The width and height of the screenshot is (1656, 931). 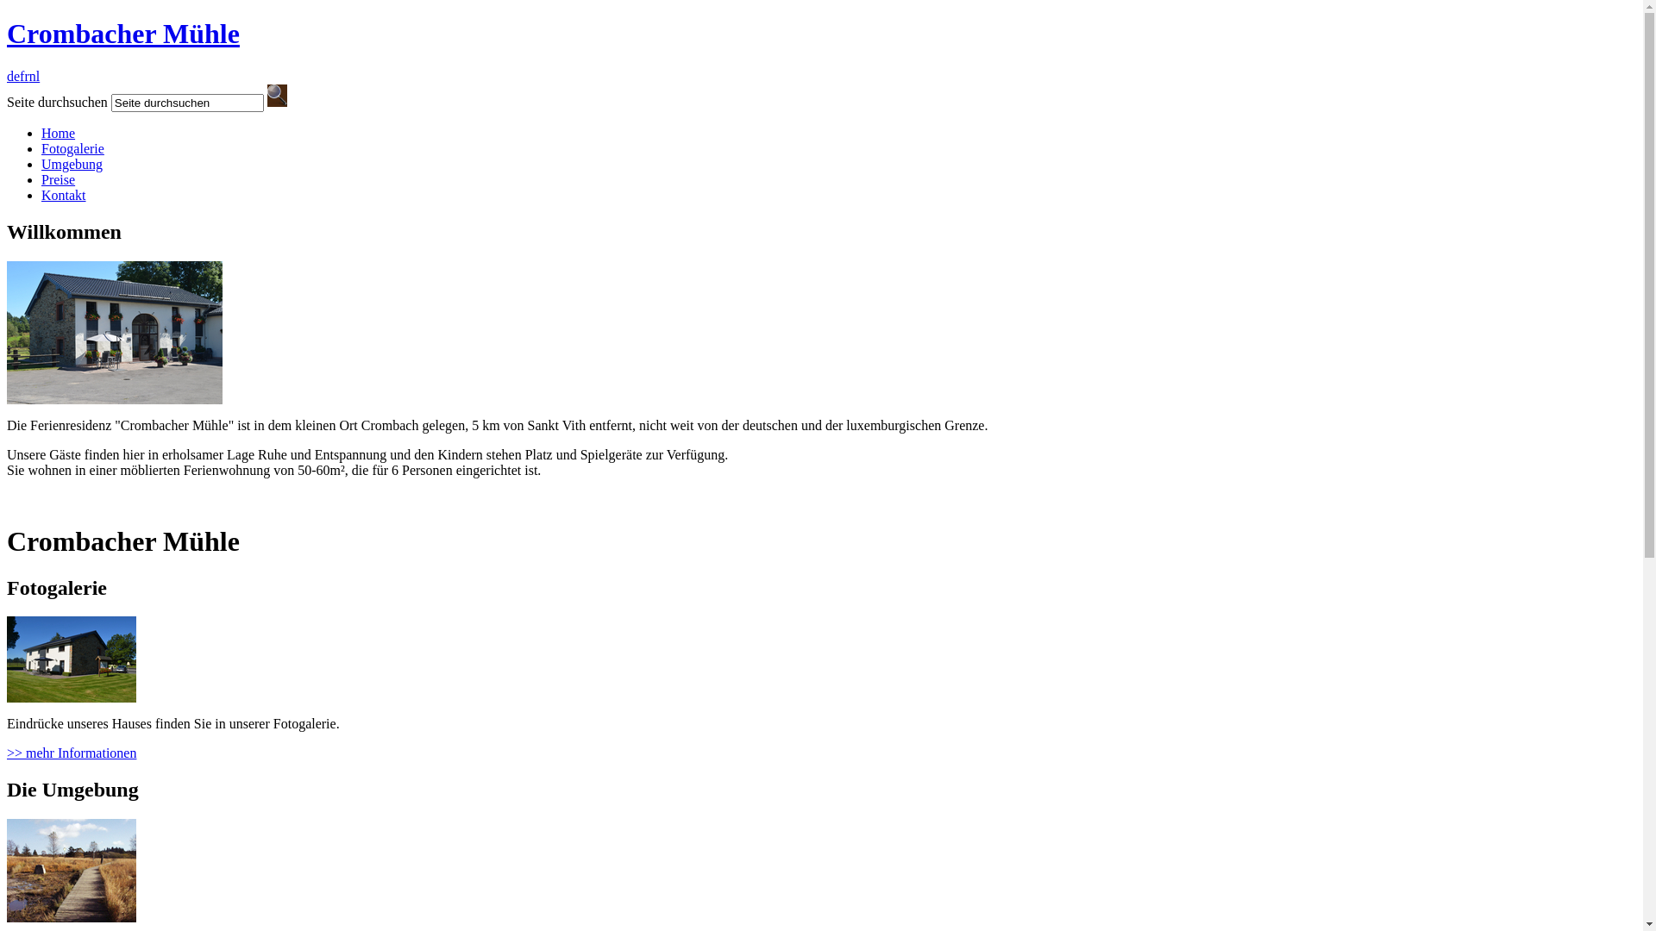 I want to click on '>> mehr Informationen', so click(x=7, y=752).